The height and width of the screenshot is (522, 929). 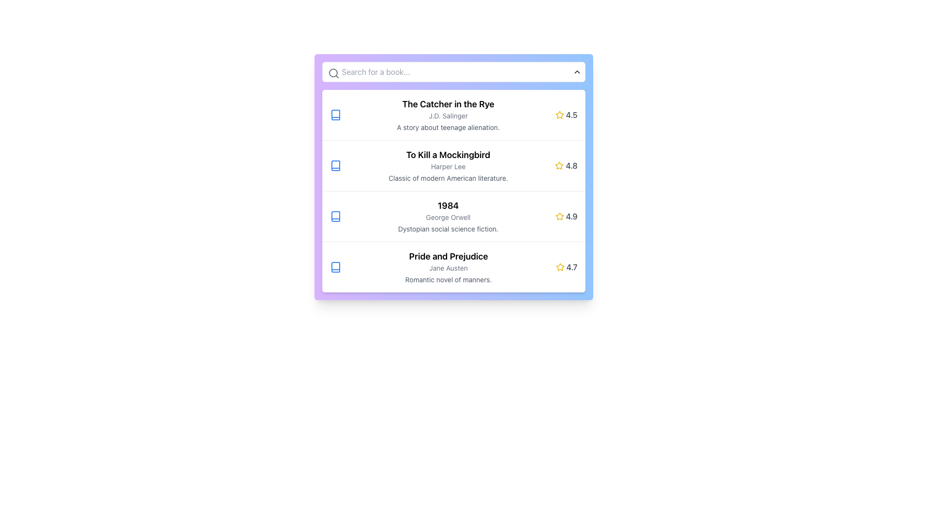 I want to click on the text label displaying the author's name for the book 'To Kill a Mockingbird', which is positioned below the title and above the descriptive text, so click(x=448, y=166).